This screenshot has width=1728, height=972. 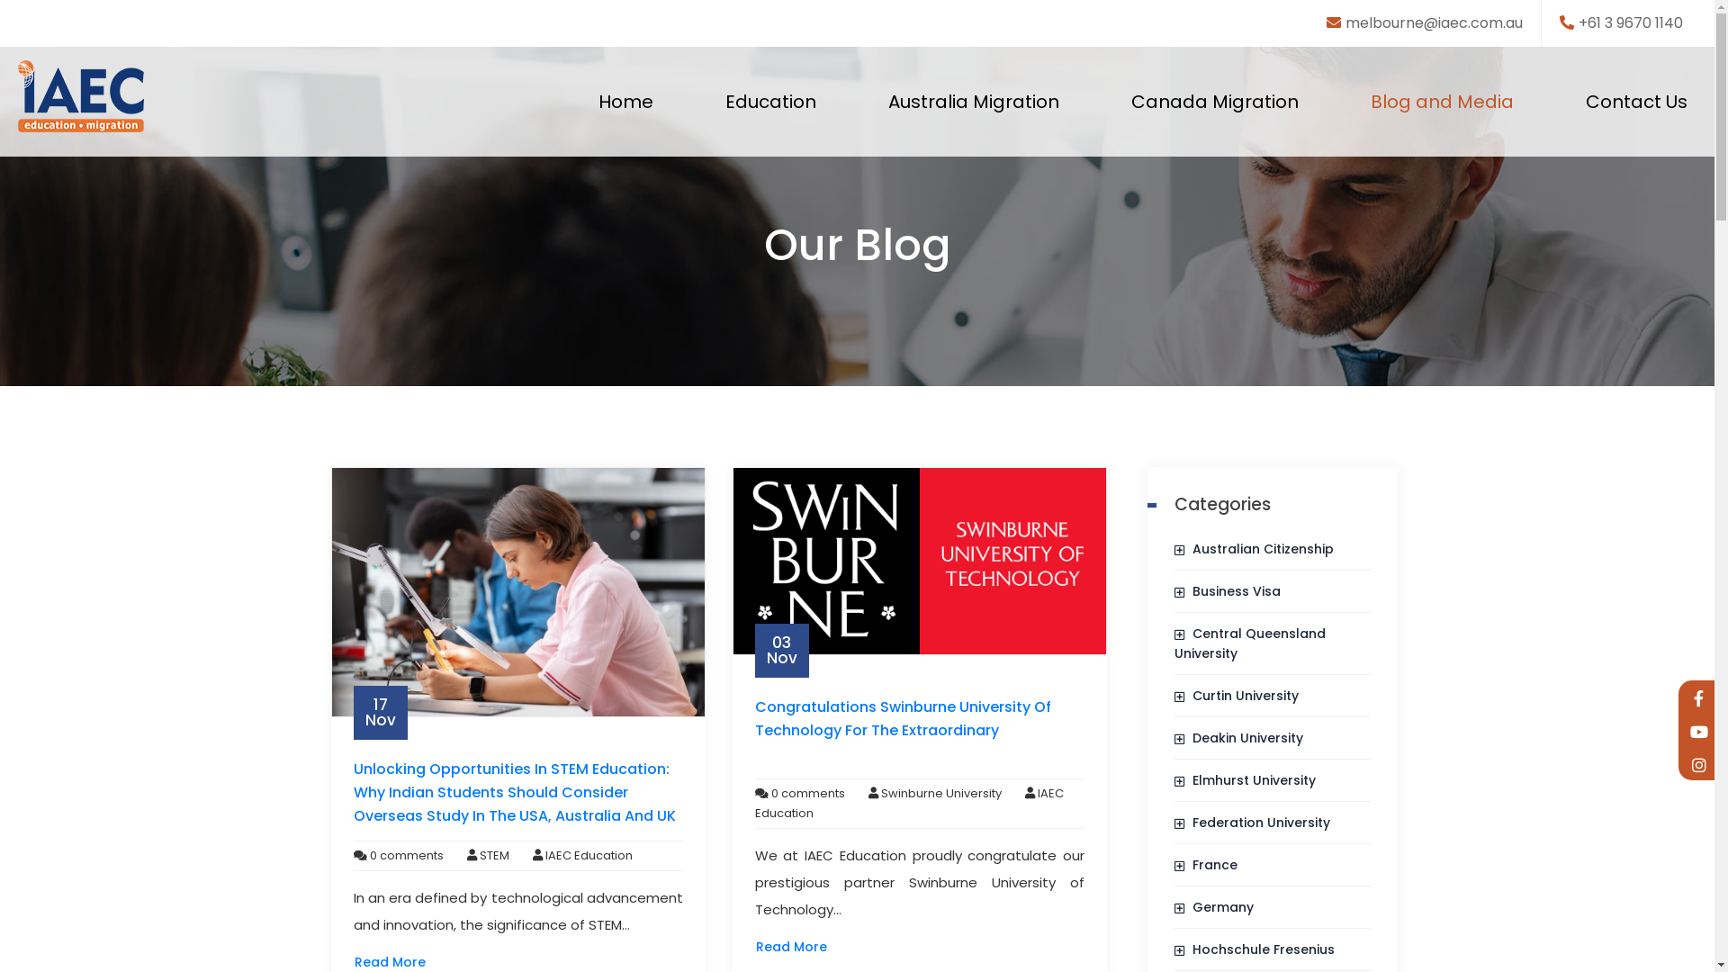 What do you see at coordinates (1174, 590) in the screenshot?
I see `'Business Visa'` at bounding box center [1174, 590].